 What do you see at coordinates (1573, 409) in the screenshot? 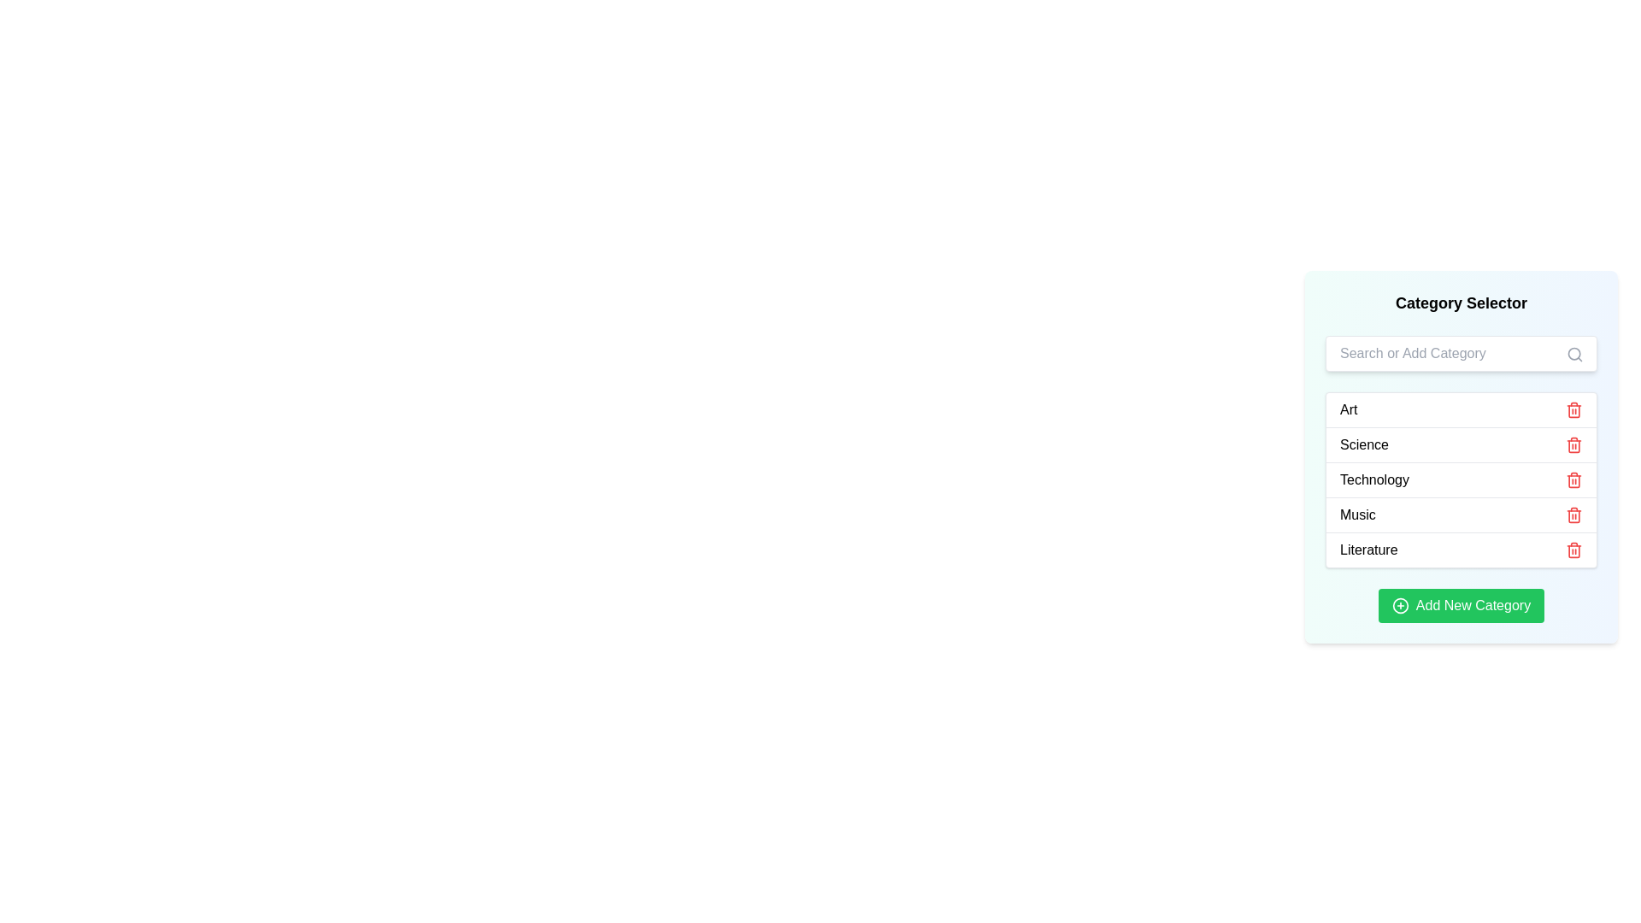
I see `the red trash can icon button located to the far right of the 'Art' category in the category selector list to change its color` at bounding box center [1573, 409].